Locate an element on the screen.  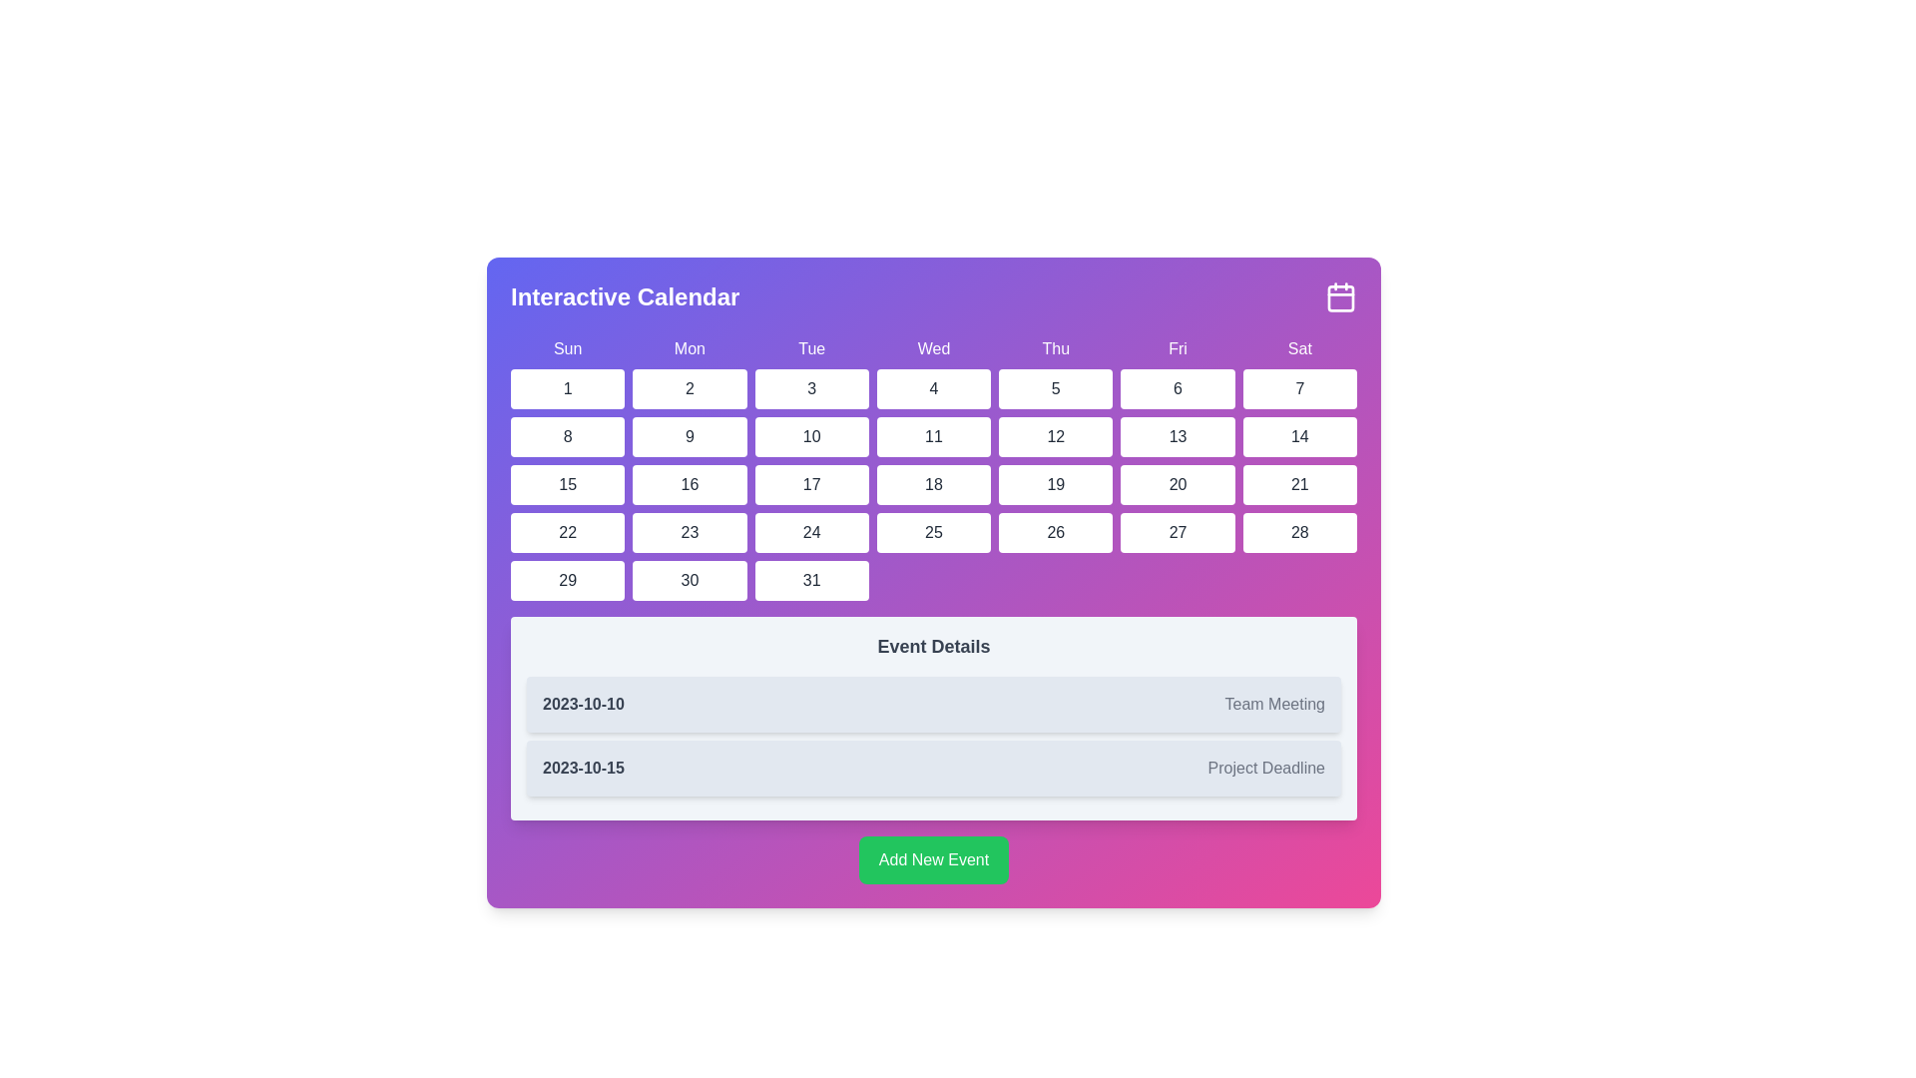
the rectangular button labeled '2' located is located at coordinates (690, 388).